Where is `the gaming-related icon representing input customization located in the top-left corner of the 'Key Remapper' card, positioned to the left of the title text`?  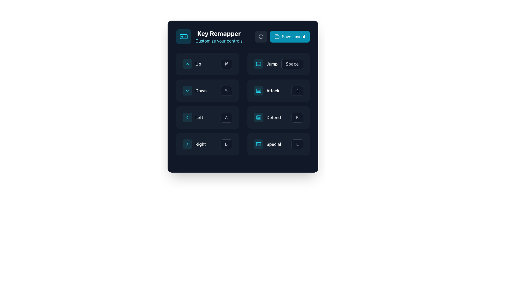
the gaming-related icon representing input customization located in the top-left corner of the 'Key Remapper' card, positioned to the left of the title text is located at coordinates (184, 36).